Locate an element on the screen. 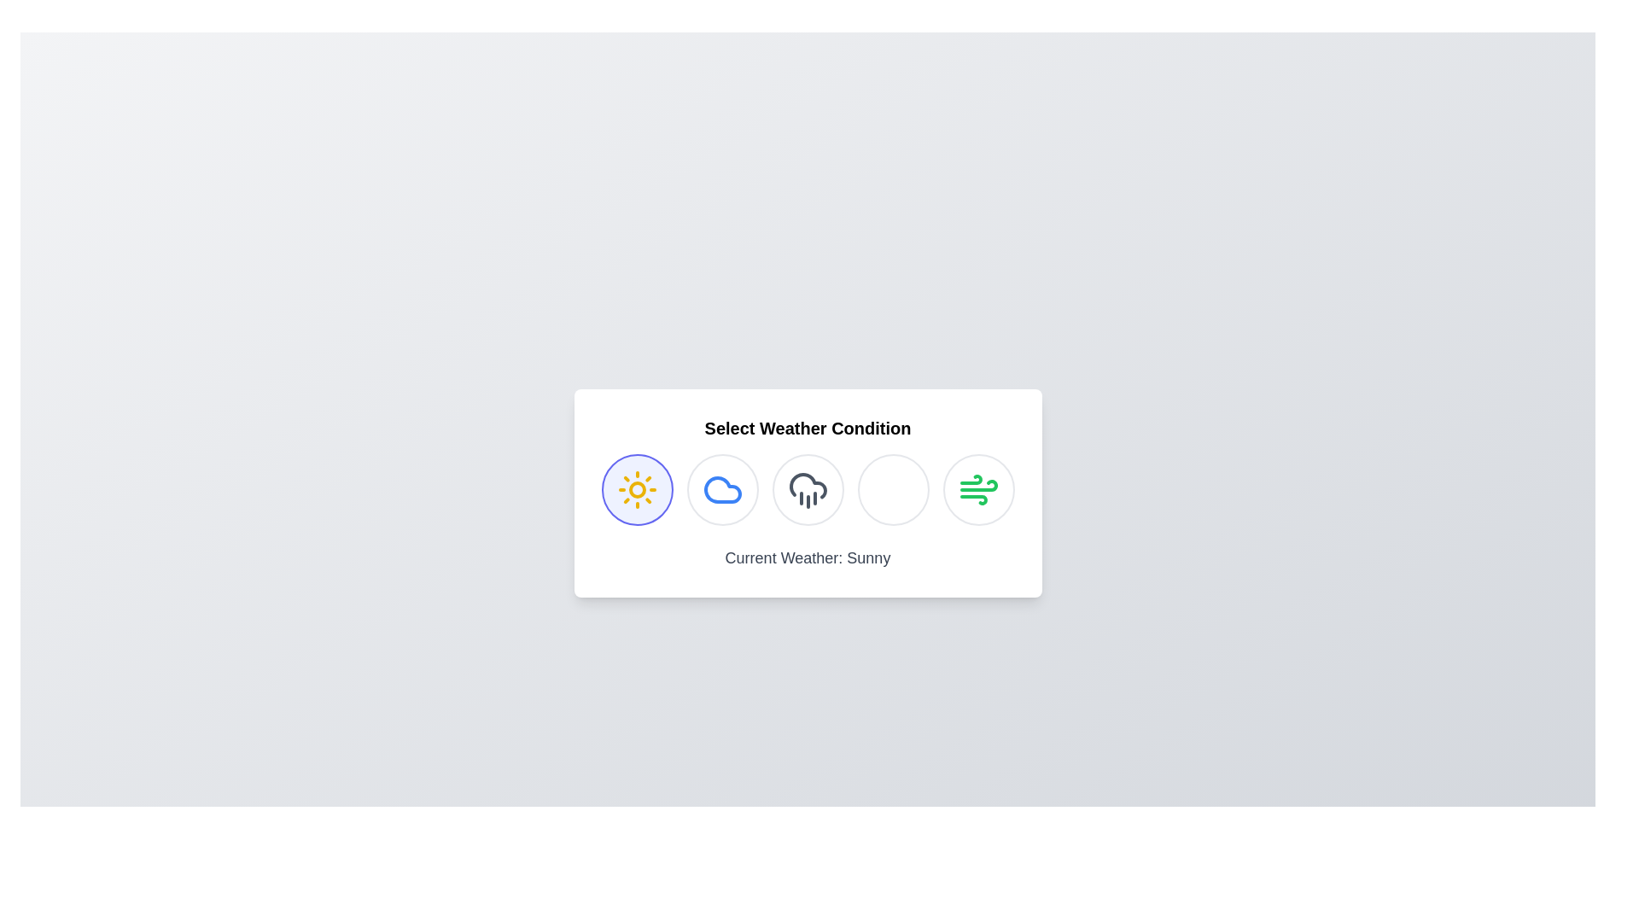 The width and height of the screenshot is (1639, 922). the circular button with a sun icon at its center, which has an indigo border and a light indigo background is located at coordinates (636, 490).